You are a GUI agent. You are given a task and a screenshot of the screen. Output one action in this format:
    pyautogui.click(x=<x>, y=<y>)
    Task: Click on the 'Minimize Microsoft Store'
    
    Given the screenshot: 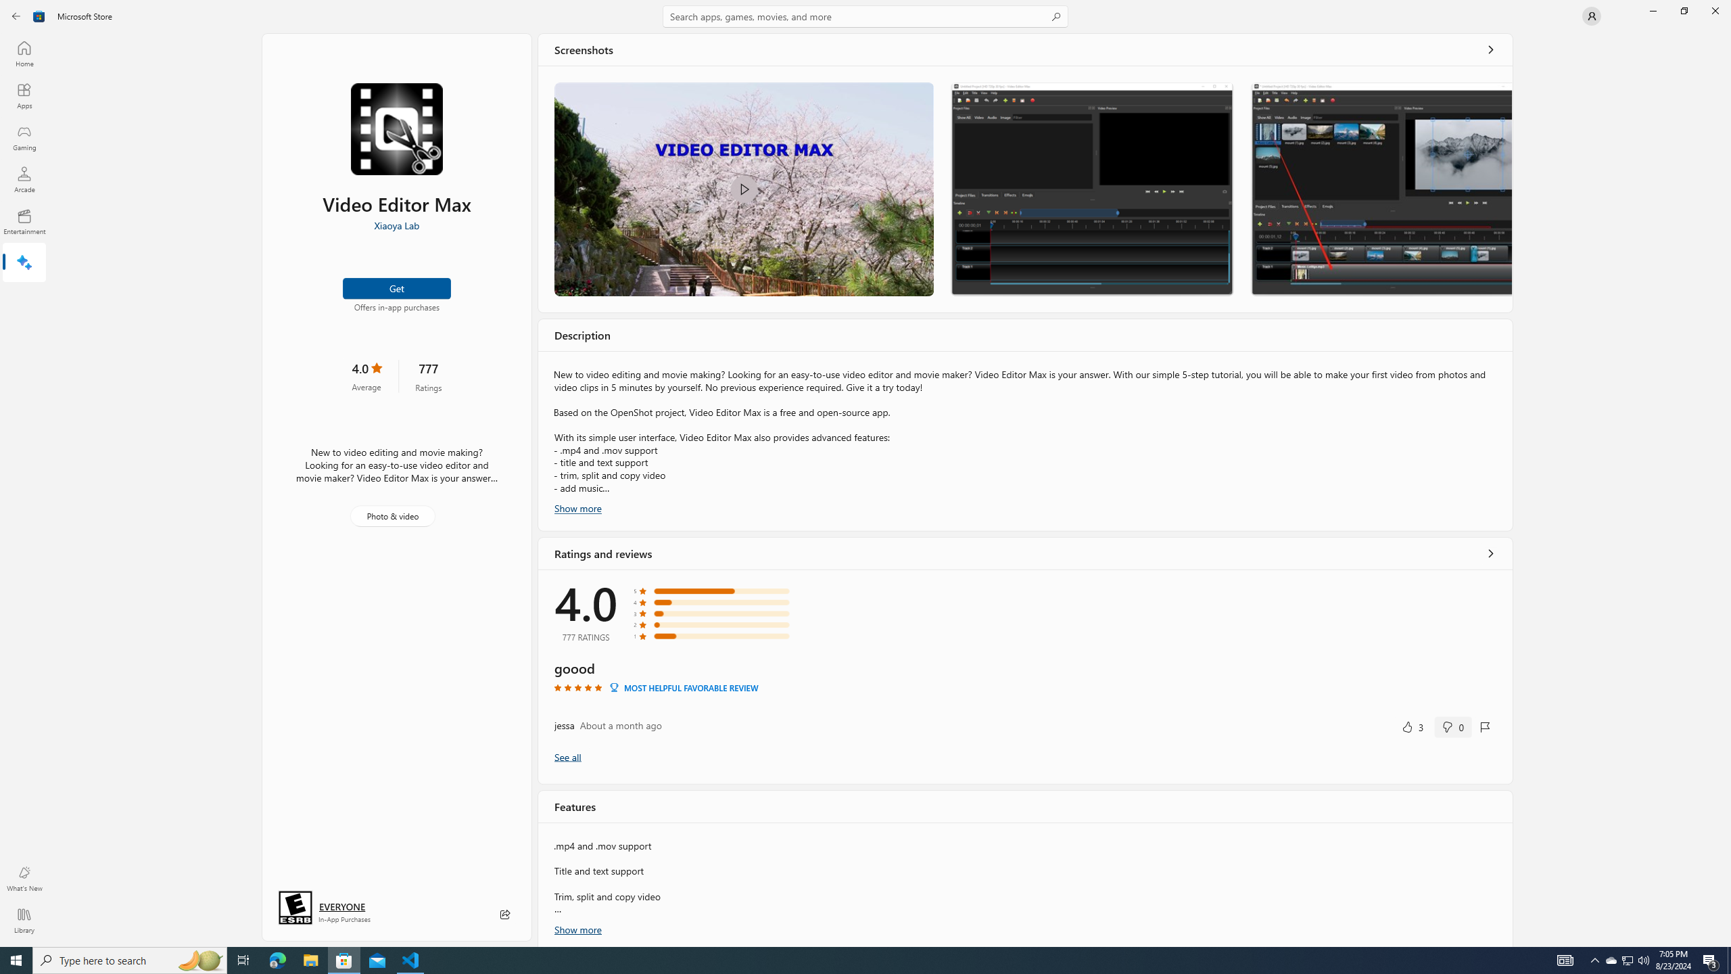 What is the action you would take?
    pyautogui.click(x=1652, y=10)
    